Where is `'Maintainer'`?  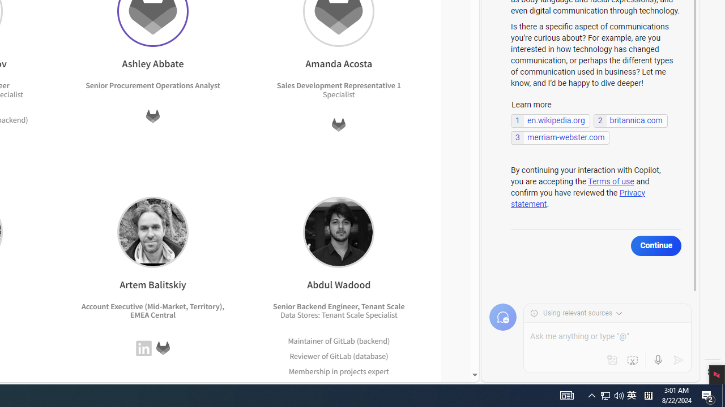
'Maintainer' is located at coordinates (306, 340).